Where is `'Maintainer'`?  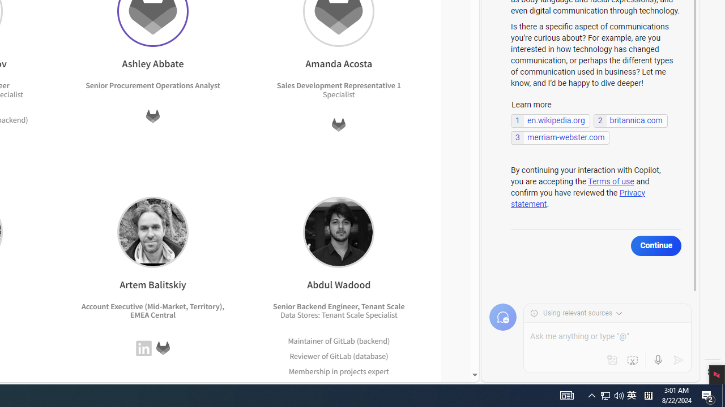
'Maintainer' is located at coordinates (306, 340).